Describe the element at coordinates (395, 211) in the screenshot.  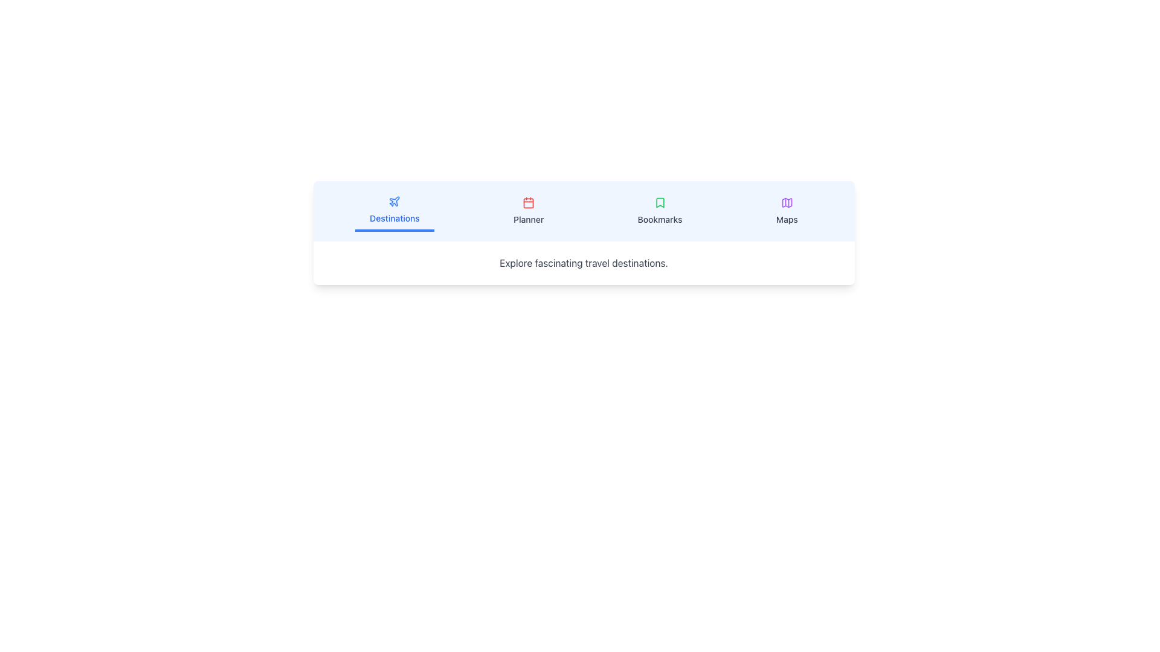
I see `the 'Destinations' button, which is the first button in a group of horizontally aligned buttons including 'Planner', 'Bookmarks', and 'Maps'` at that location.